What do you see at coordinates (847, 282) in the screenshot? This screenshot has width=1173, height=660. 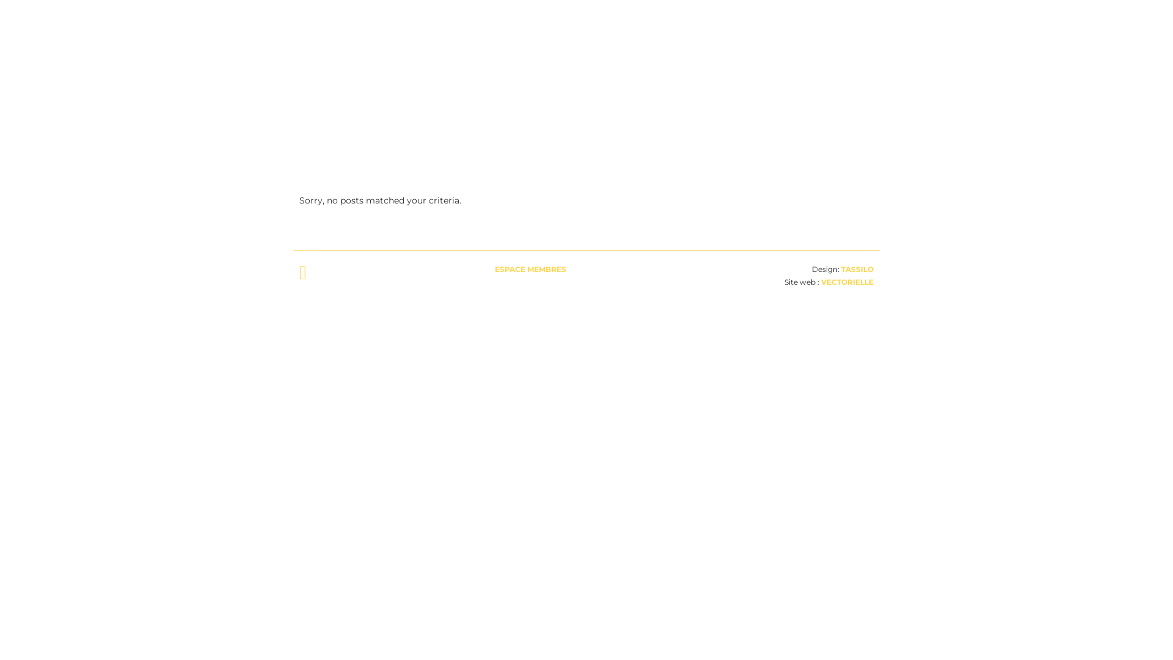 I see `'VECTORIELLE'` at bounding box center [847, 282].